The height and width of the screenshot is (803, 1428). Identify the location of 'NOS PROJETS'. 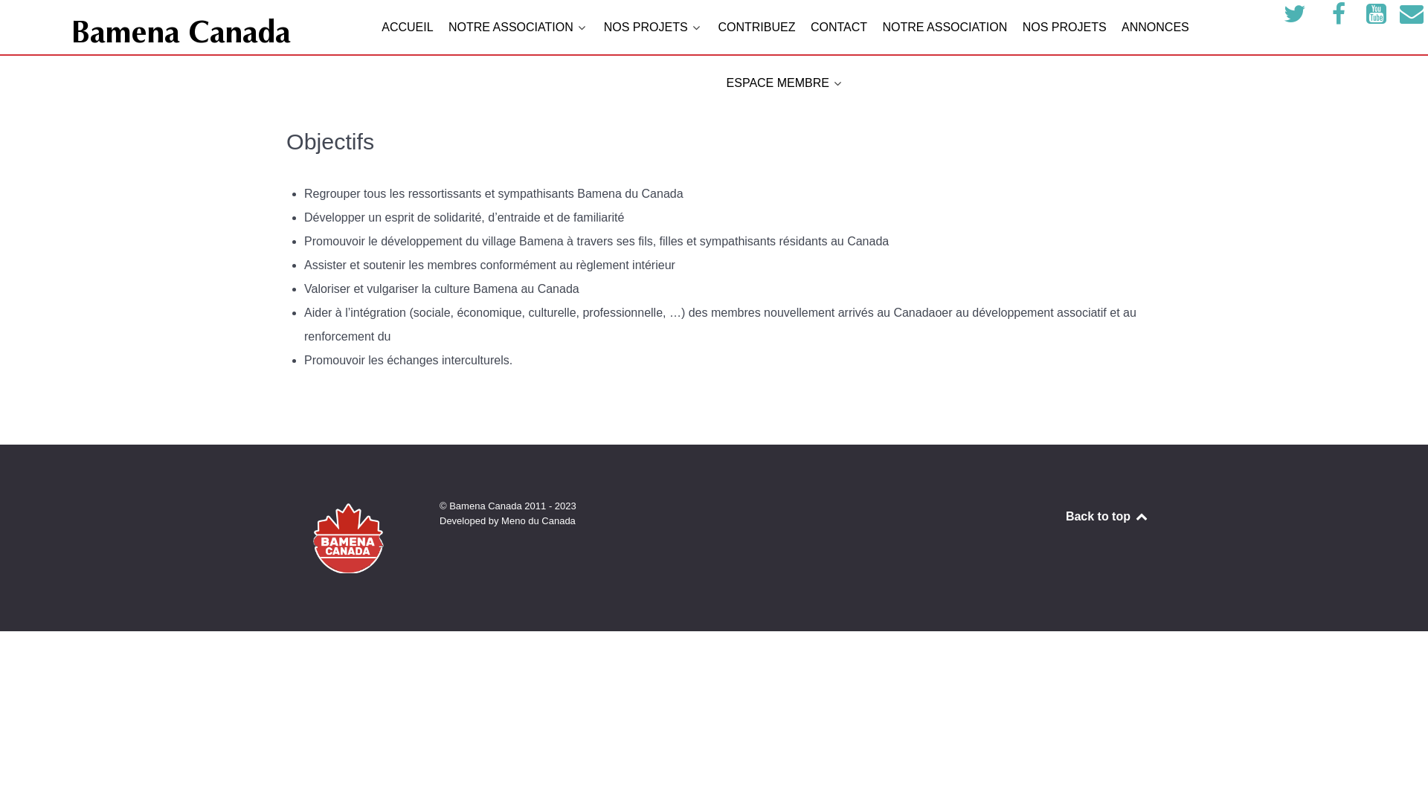
(653, 28).